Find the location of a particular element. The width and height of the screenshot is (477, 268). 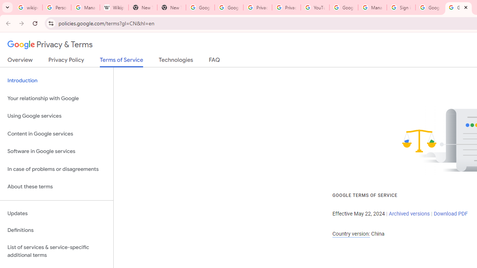

'Privacy Policy' is located at coordinates (66, 61).